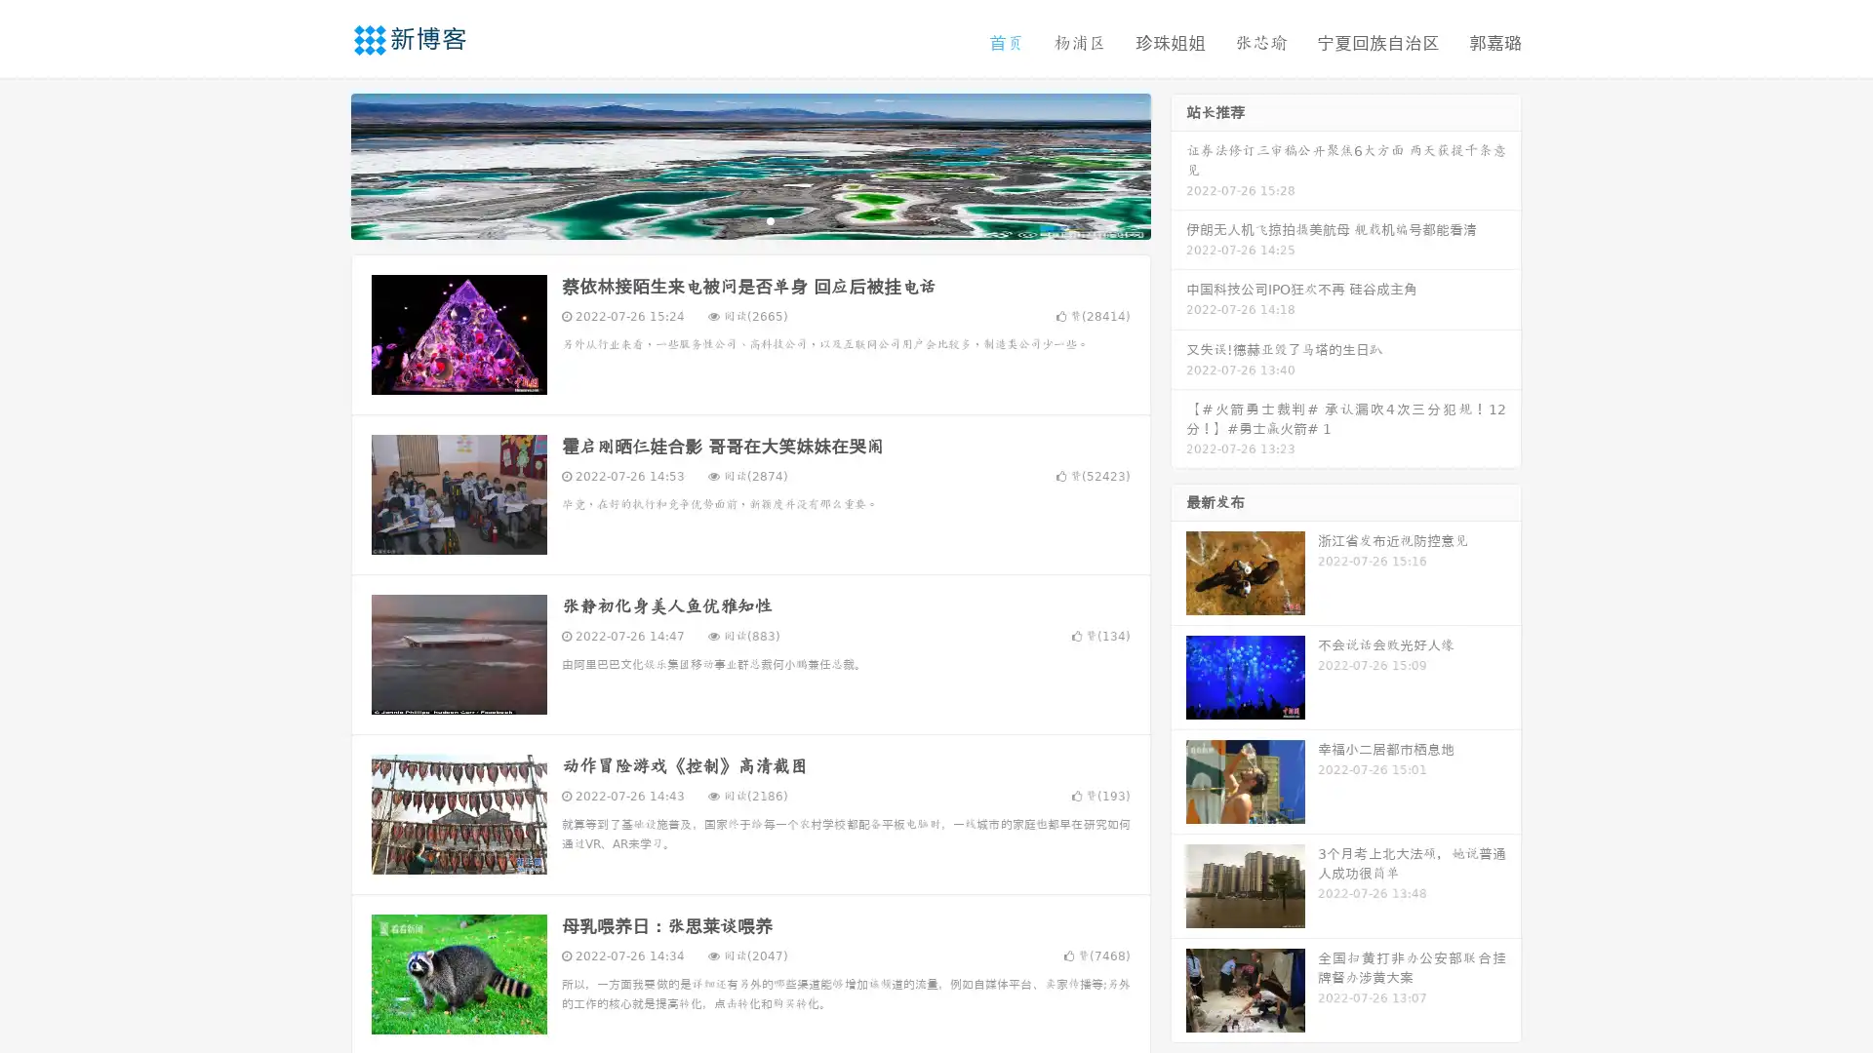 The image size is (1873, 1053). Describe the element at coordinates (770, 219) in the screenshot. I see `Go to slide 3` at that location.